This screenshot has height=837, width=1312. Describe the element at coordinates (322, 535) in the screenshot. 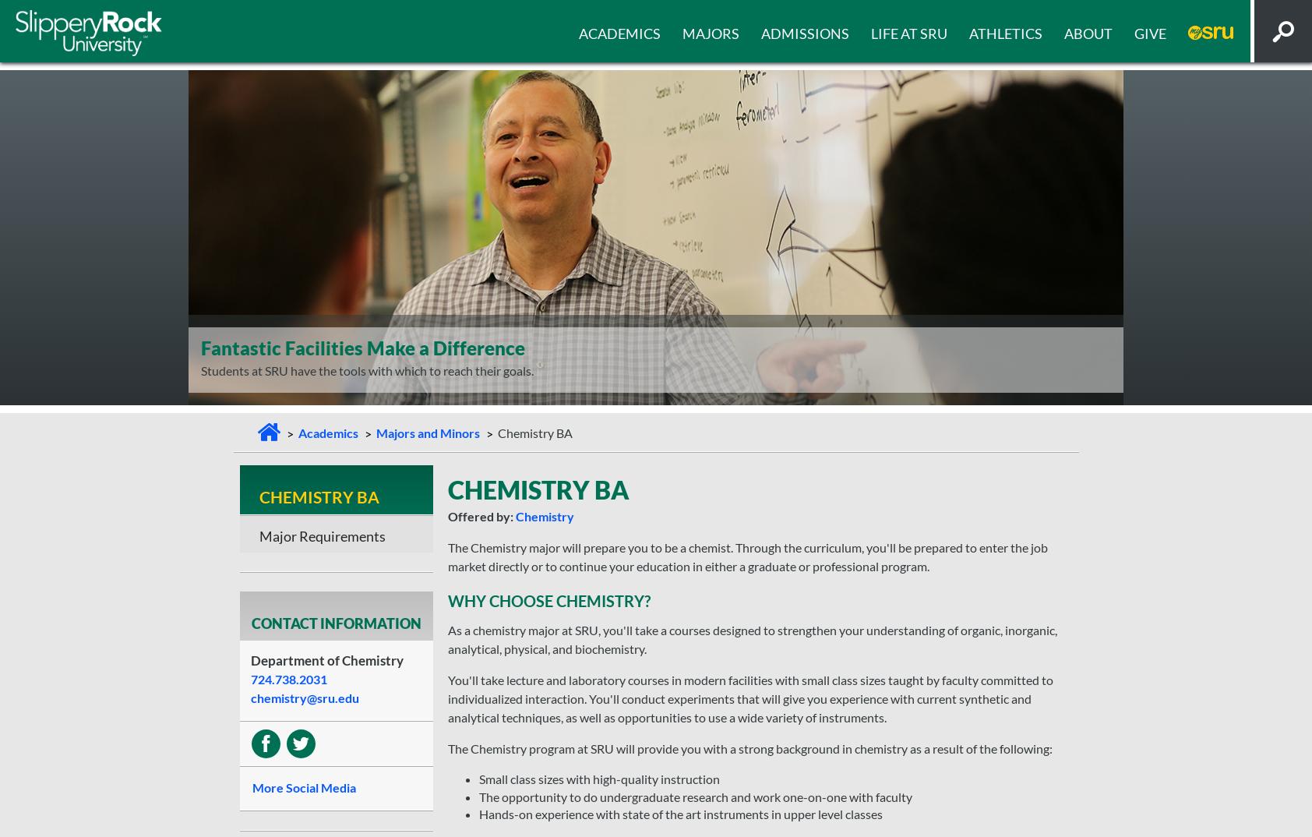

I see `'Major Requirements'` at that location.